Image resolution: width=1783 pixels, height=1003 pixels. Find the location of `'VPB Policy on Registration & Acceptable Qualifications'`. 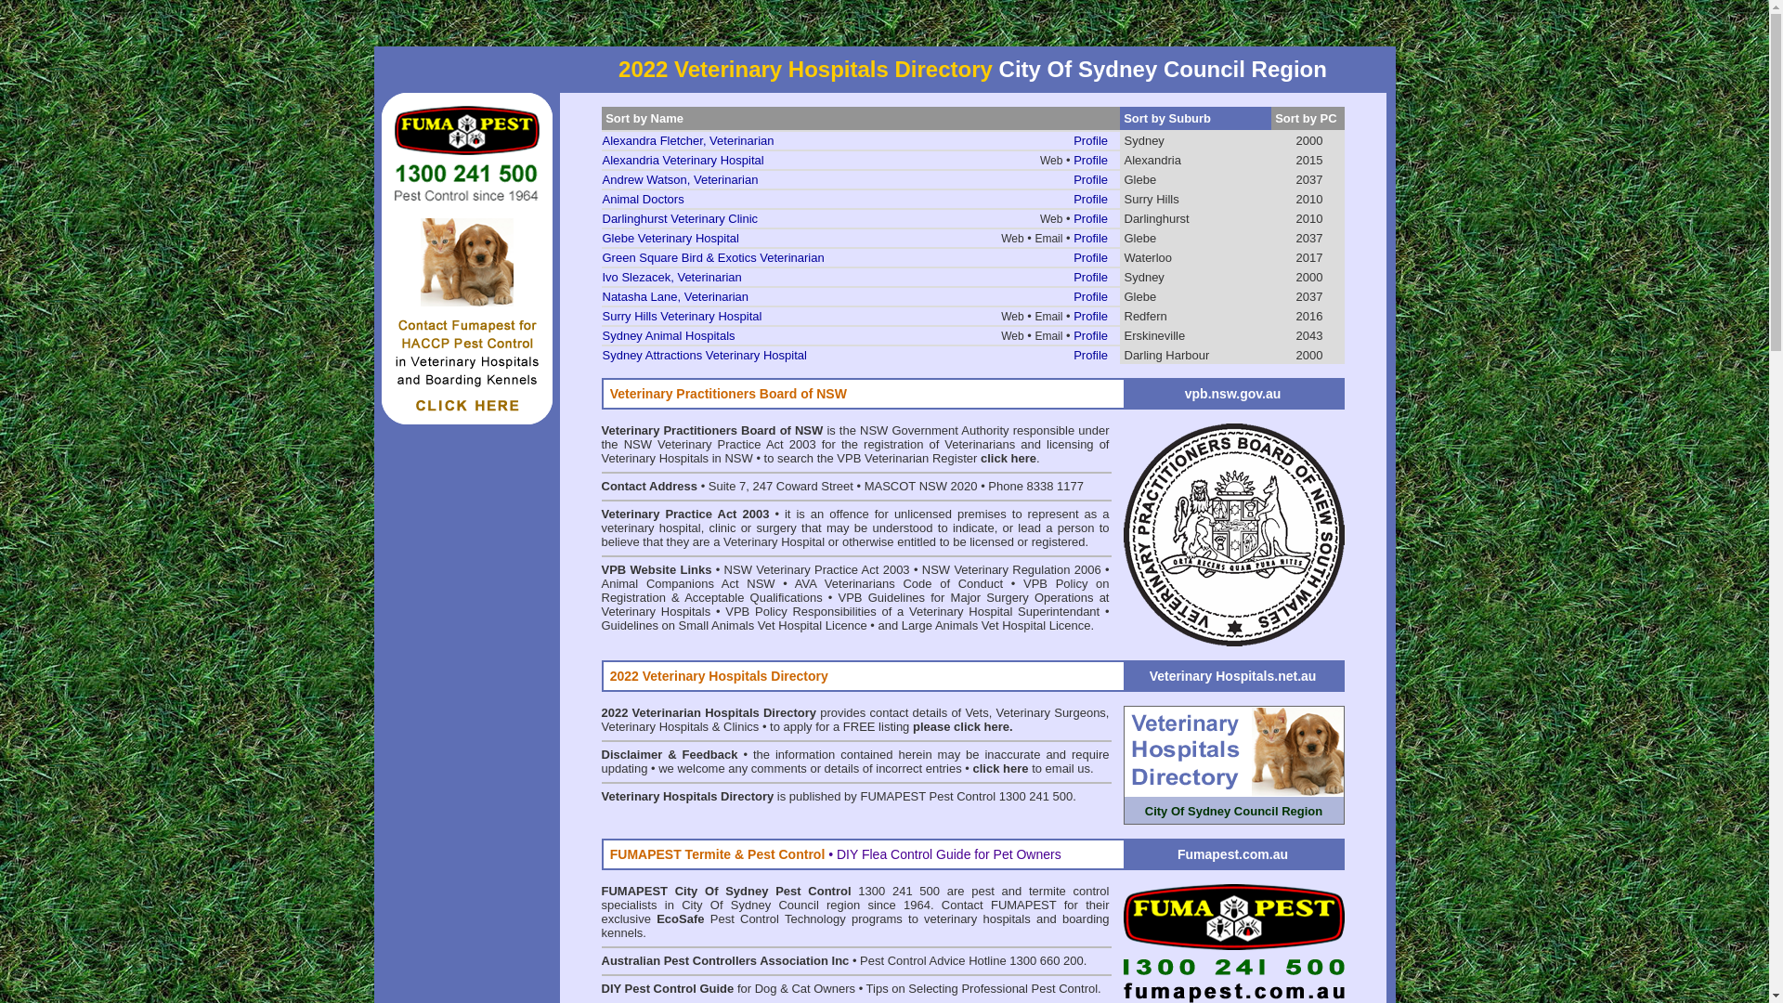

'VPB Policy on Registration & Acceptable Qualifications' is located at coordinates (854, 591).